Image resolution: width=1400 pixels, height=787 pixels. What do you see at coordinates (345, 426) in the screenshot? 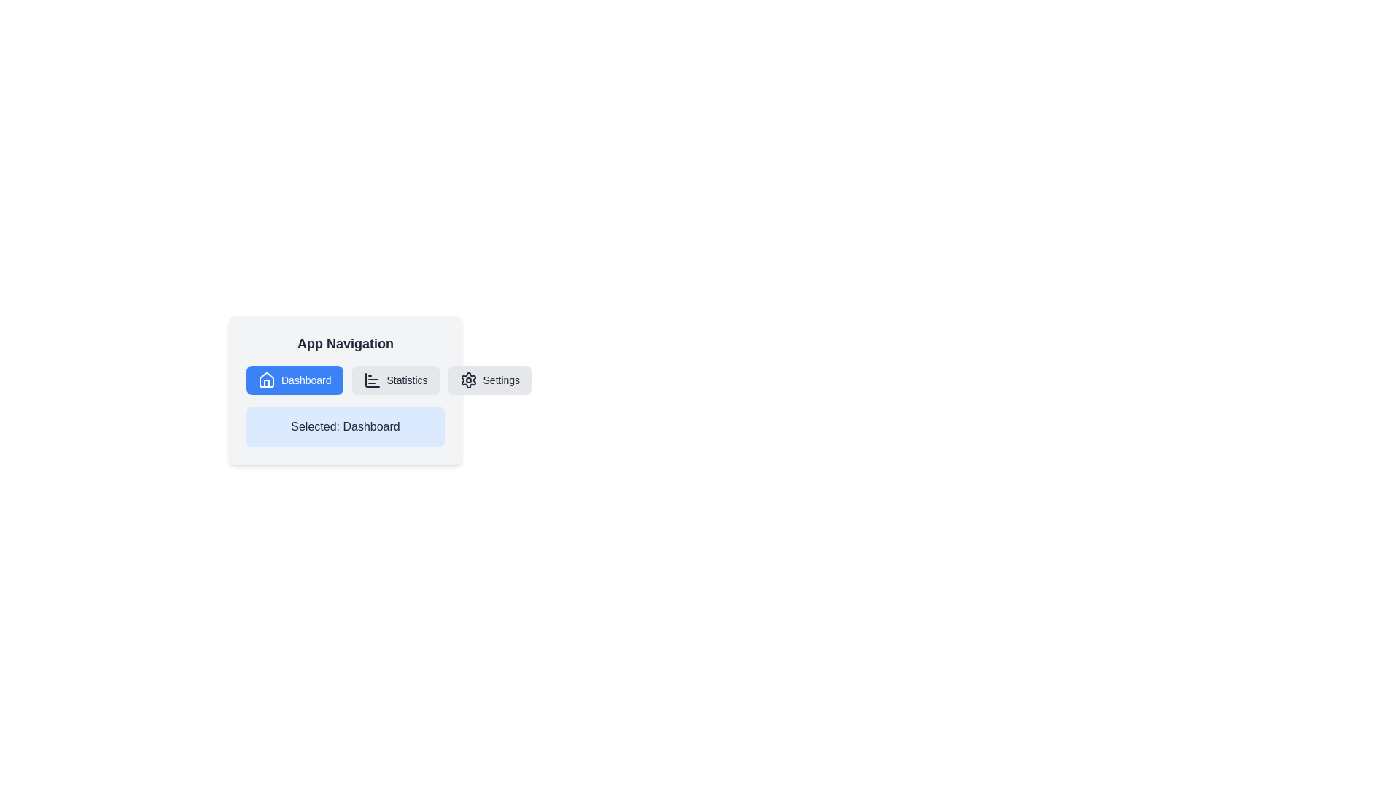
I see `the read-only text label indicating the currently selected navigation option, which displays 'Dashboard.'` at bounding box center [345, 426].